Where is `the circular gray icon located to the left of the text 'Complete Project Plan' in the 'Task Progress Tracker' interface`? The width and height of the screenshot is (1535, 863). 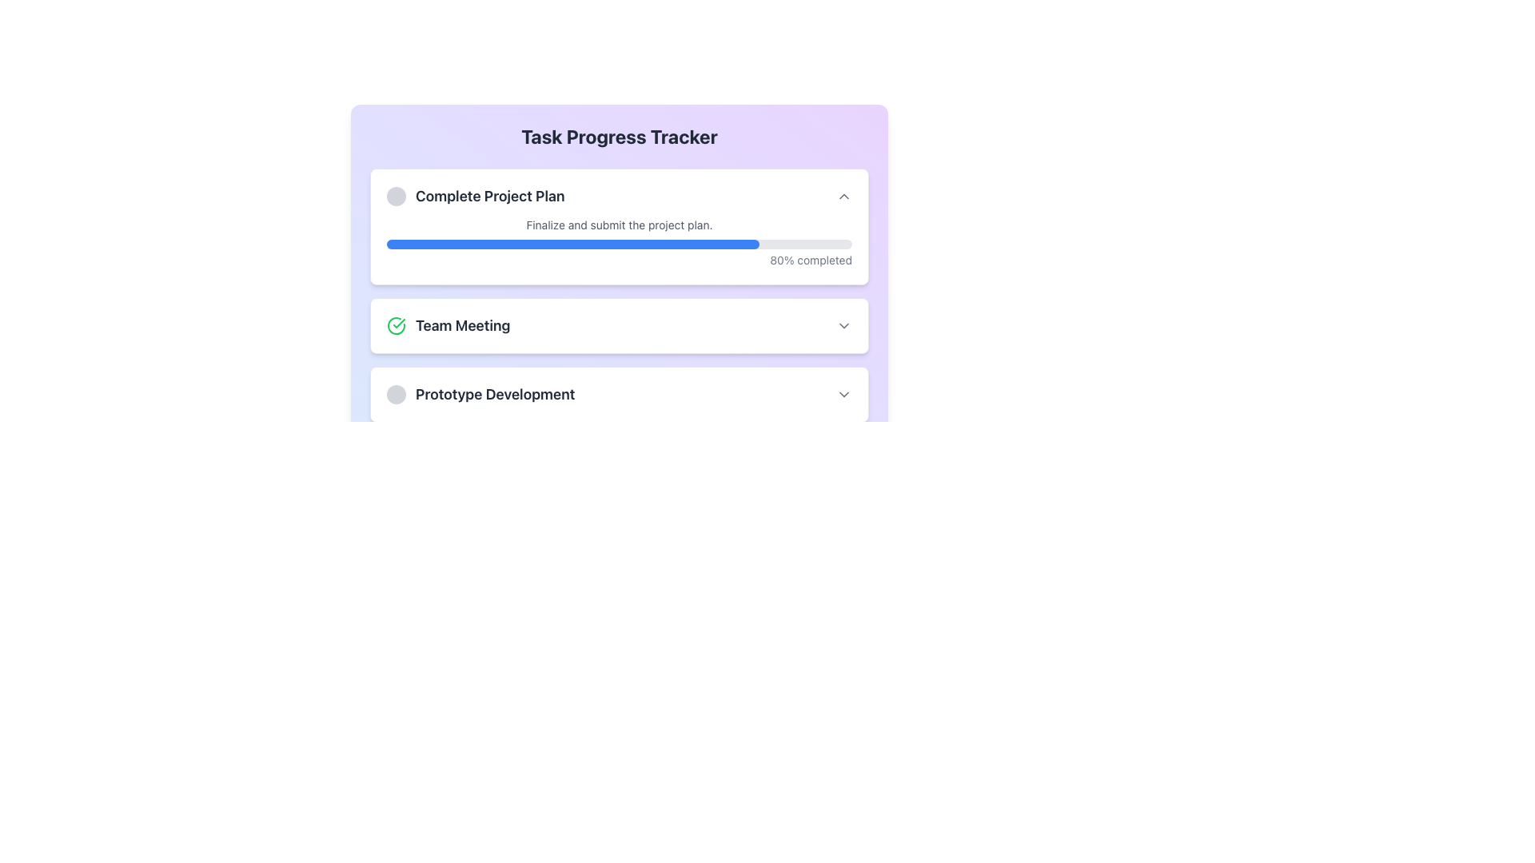
the circular gray icon located to the left of the text 'Complete Project Plan' in the 'Task Progress Tracker' interface is located at coordinates (396, 196).